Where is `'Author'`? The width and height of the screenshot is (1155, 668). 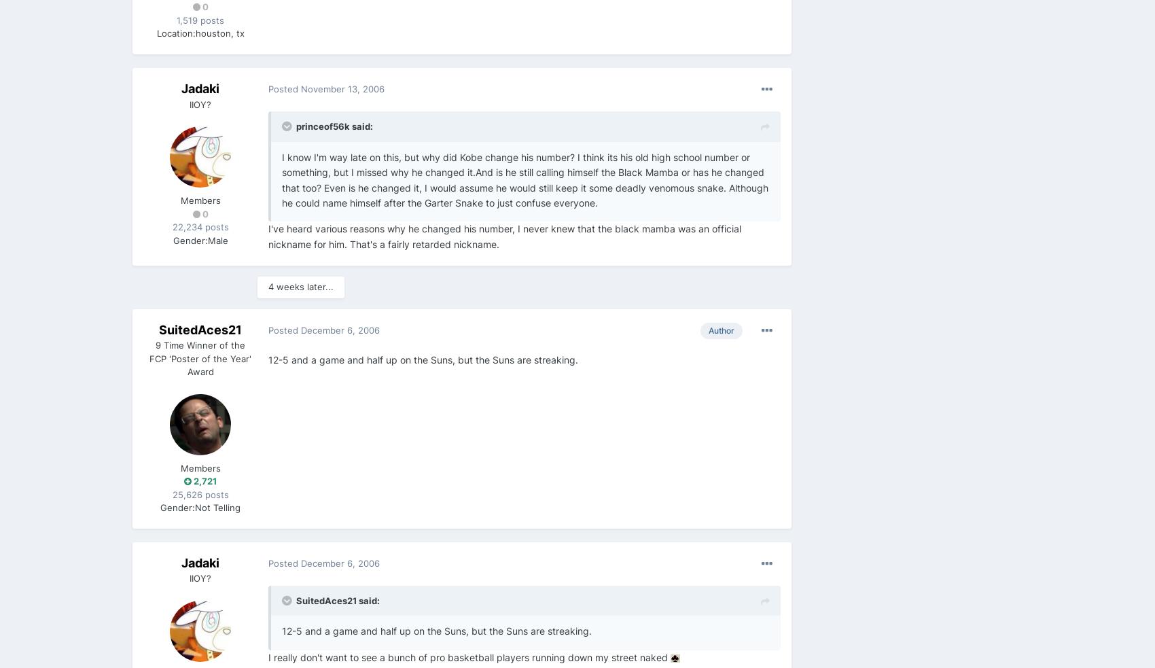
'Author' is located at coordinates (720, 329).